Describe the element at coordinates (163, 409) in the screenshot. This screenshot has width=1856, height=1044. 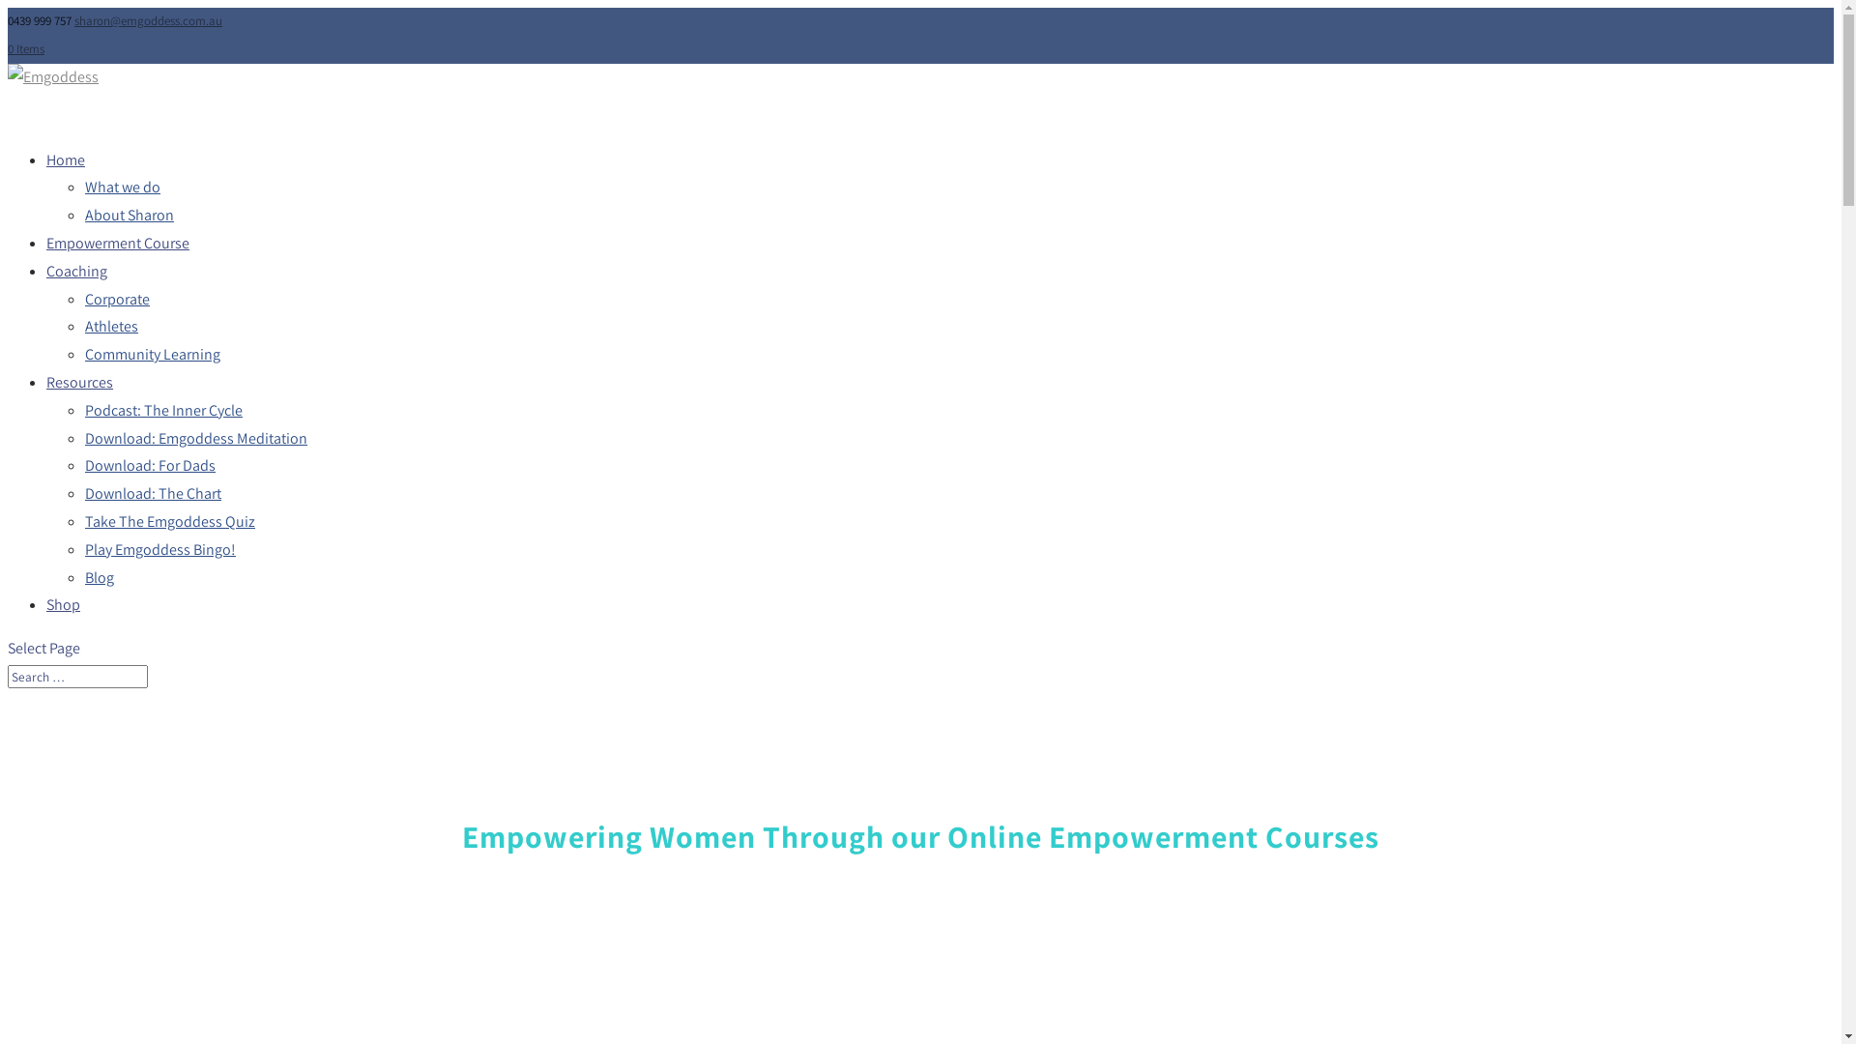
I see `'Podcast: The Inner Cycle'` at that location.